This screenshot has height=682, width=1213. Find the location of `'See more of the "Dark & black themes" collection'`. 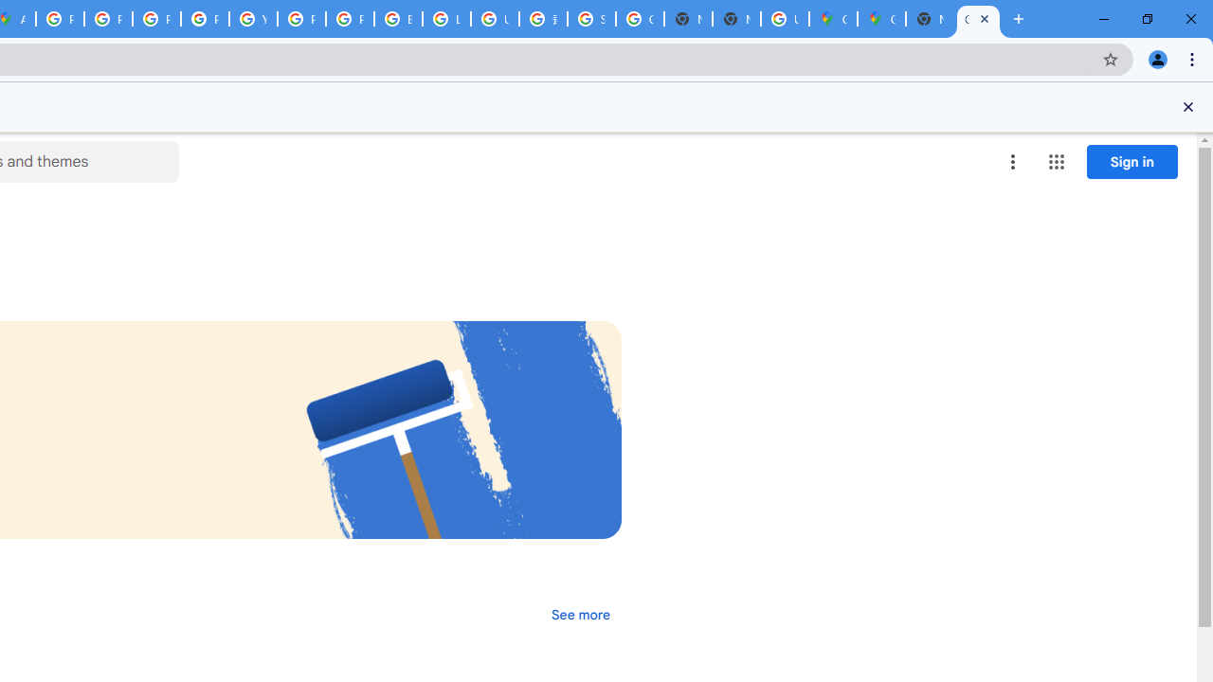

'See more of the "Dark & black themes" collection' is located at coordinates (579, 615).